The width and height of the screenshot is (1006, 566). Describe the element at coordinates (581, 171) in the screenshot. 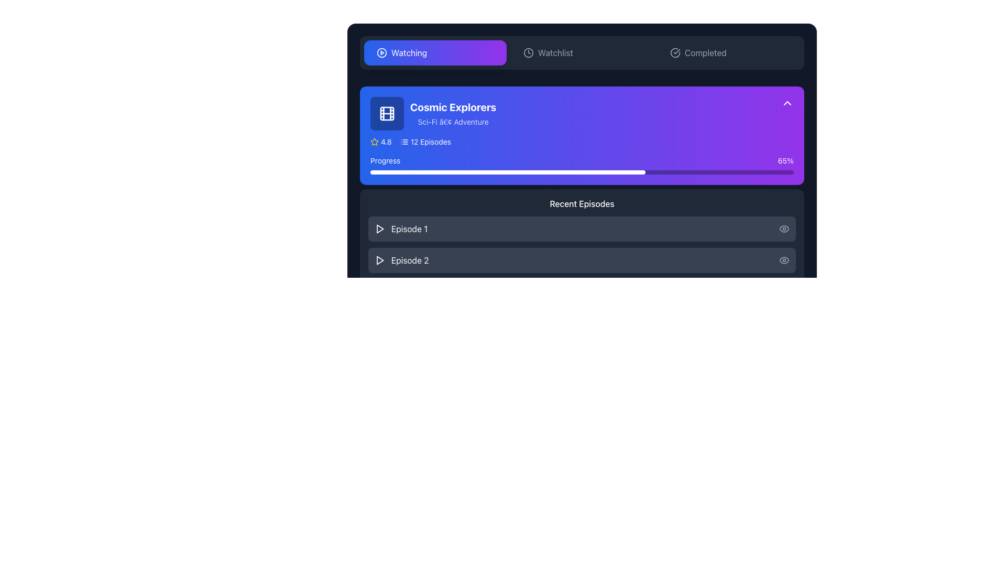

I see `the progress bar located inside the 'Progress' section, which is positioned under the 'Cosmic Explorers' section and features a dark translucent base with a lighter segment indicating progress` at that location.